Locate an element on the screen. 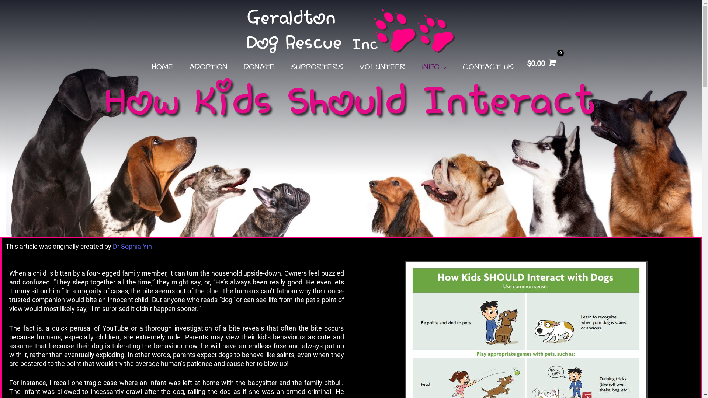  'SUPPORTERS' is located at coordinates (317, 67).